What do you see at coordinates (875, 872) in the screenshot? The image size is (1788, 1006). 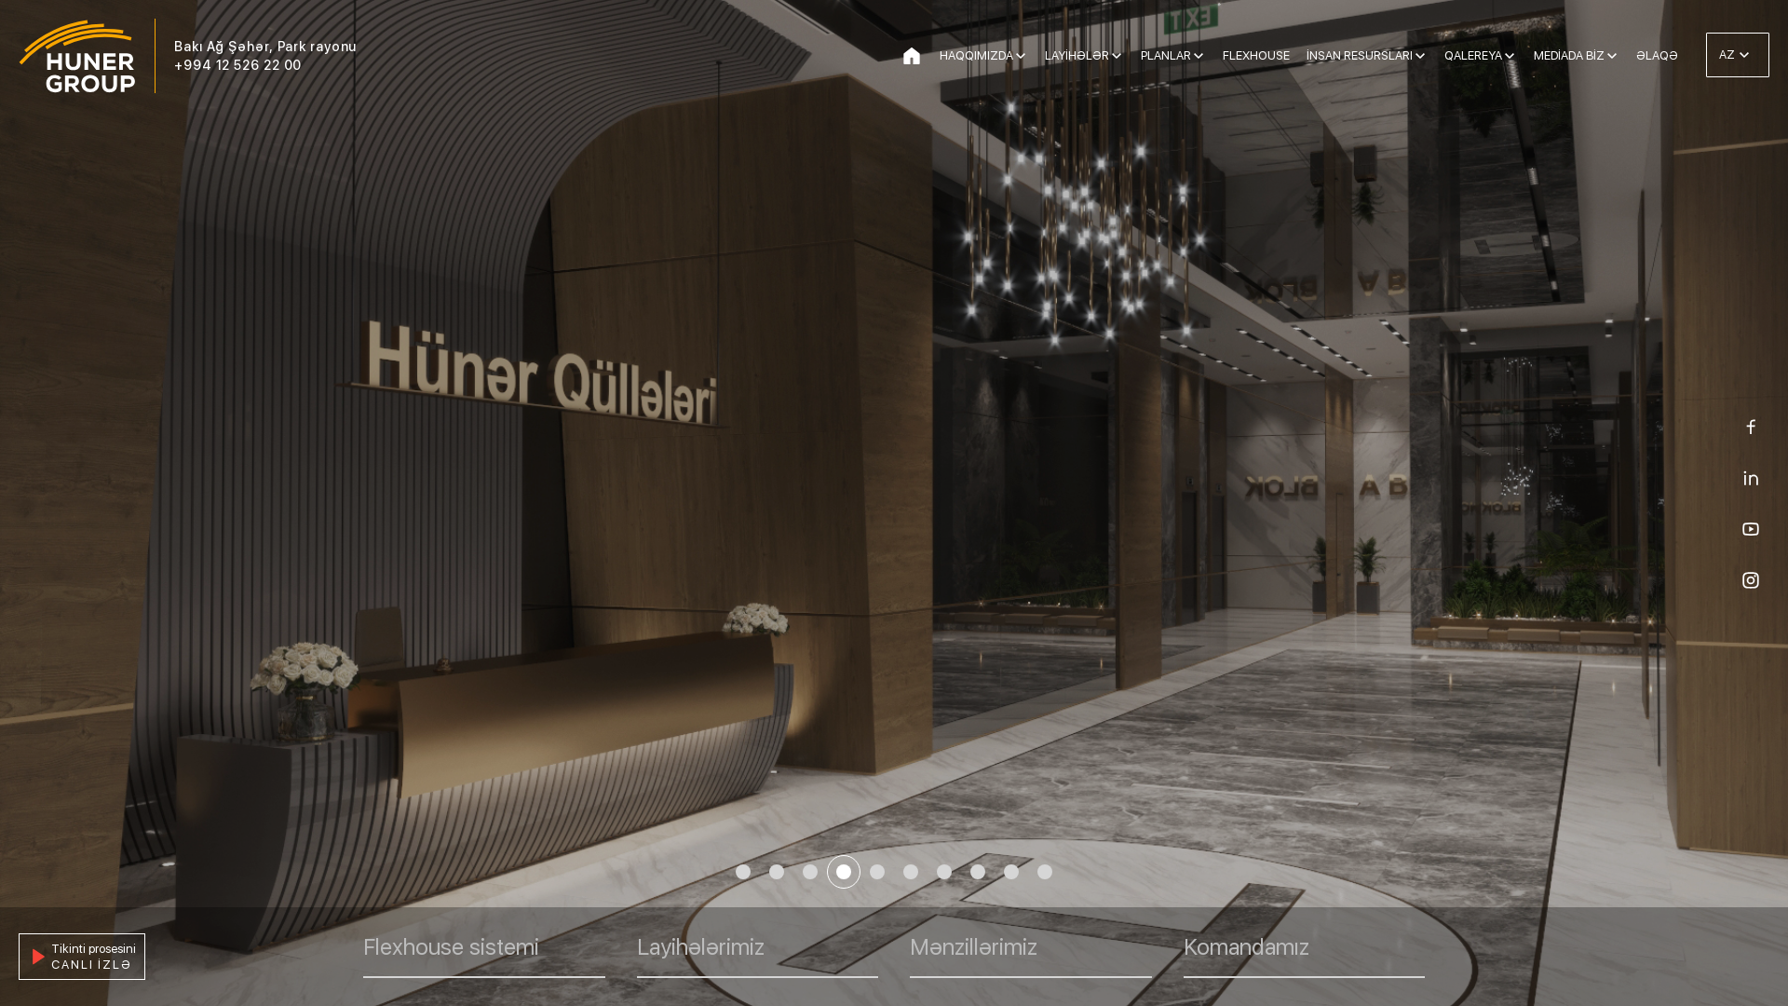 I see `'5'` at bounding box center [875, 872].